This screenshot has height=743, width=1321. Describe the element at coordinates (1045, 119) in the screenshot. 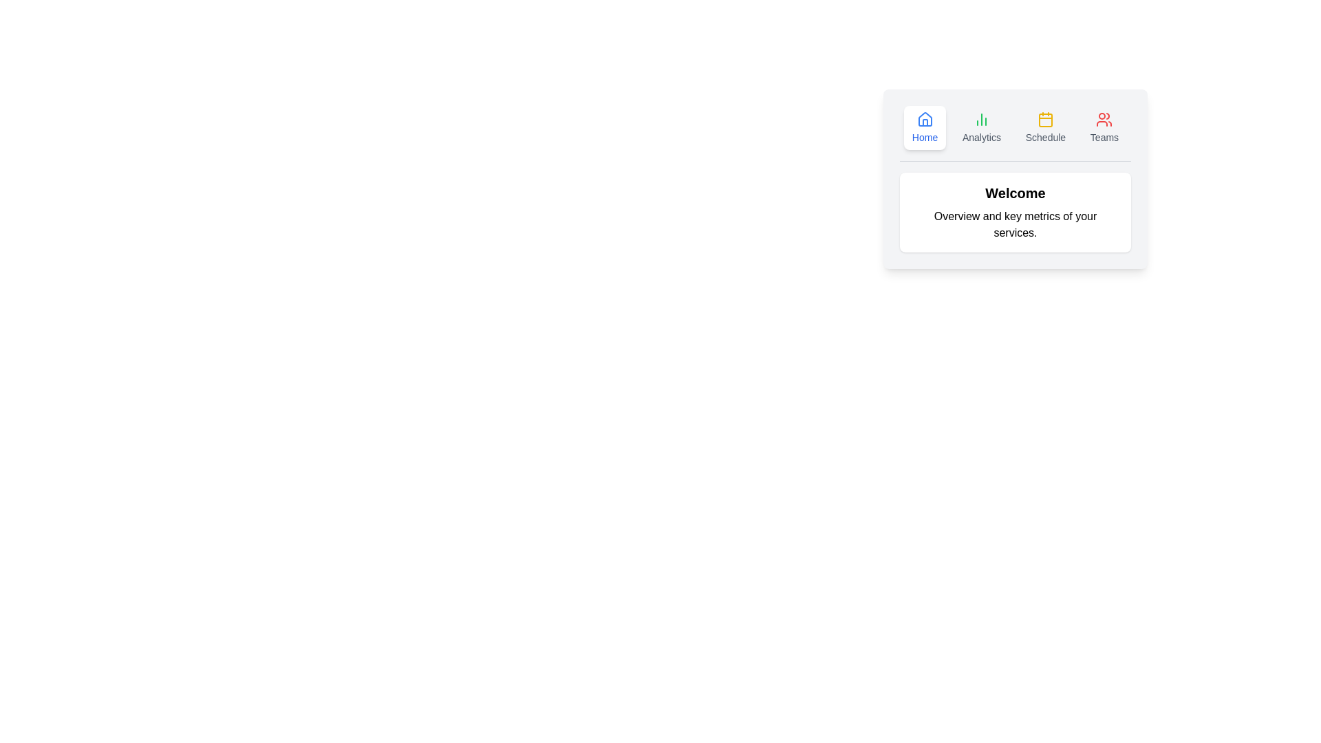

I see `the yellow calendar icon located under the 'Schedule' text label in the navigation menu` at that location.